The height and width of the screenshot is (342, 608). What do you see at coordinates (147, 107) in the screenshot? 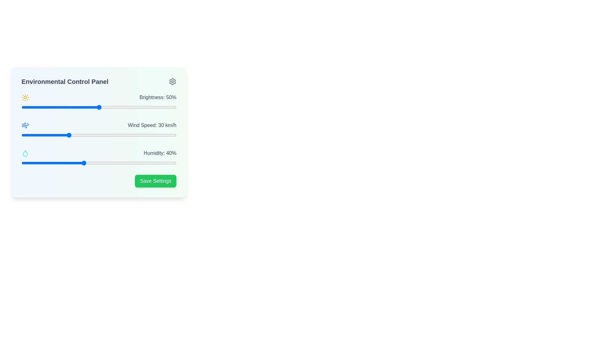
I see `brightness` at bounding box center [147, 107].